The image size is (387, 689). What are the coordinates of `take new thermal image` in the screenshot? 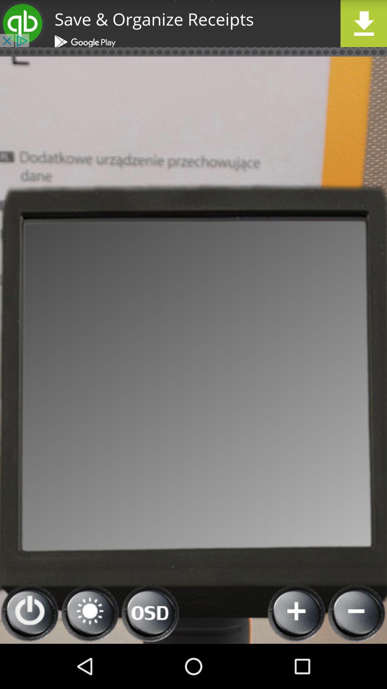 It's located at (297, 613).